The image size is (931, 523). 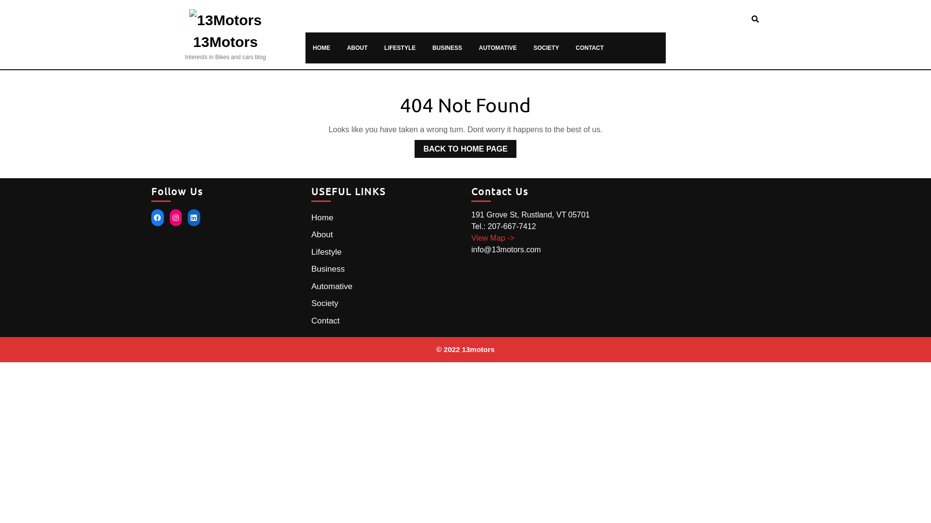 What do you see at coordinates (400, 48) in the screenshot?
I see `'LIFESTYLE'` at bounding box center [400, 48].